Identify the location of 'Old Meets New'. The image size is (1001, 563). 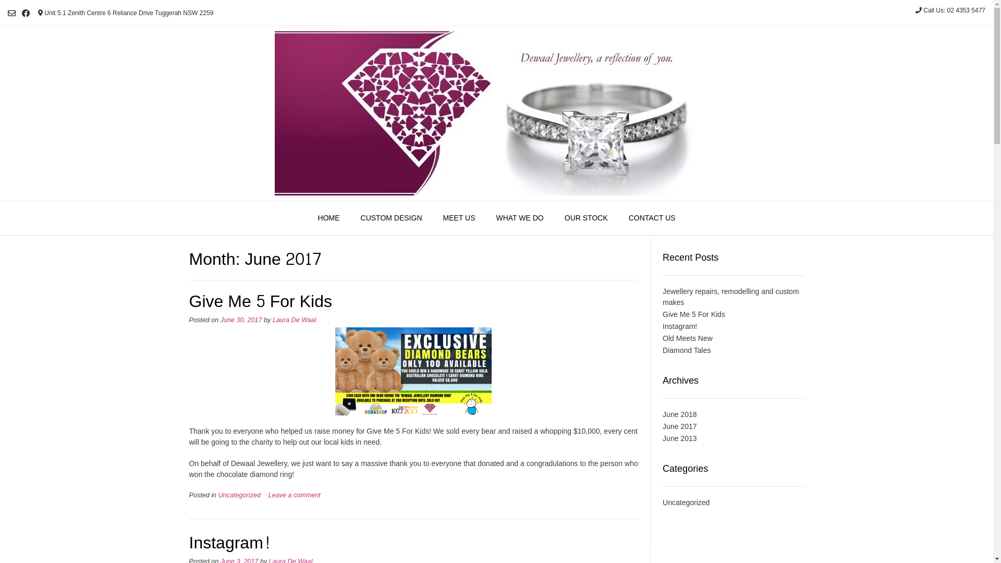
(688, 338).